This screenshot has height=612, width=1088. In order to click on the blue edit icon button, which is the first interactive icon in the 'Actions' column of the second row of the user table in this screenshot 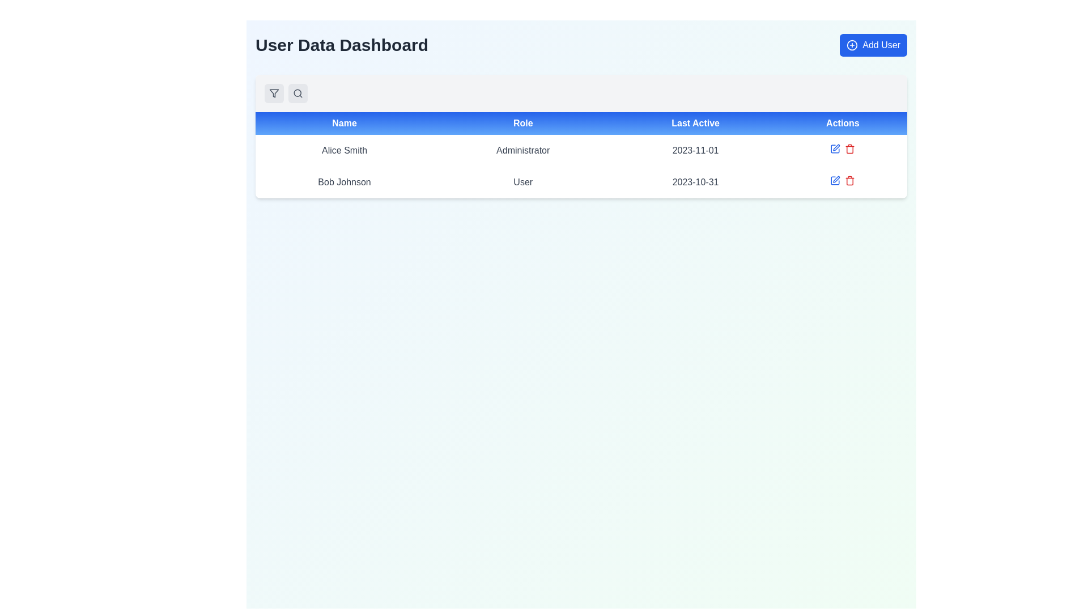, I will do `click(835, 148)`.